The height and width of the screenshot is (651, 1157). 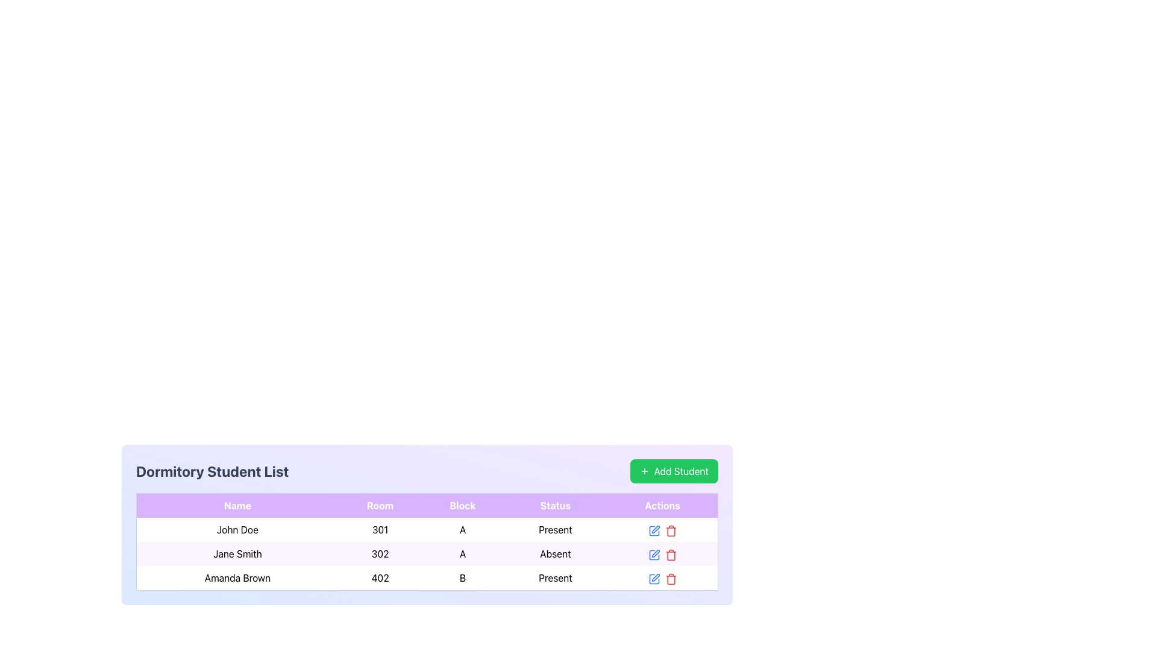 What do you see at coordinates (644, 471) in the screenshot?
I see `the plus (+) icon located to the left of the 'Add Student' text label within the green button at the top-right corner of the table` at bounding box center [644, 471].